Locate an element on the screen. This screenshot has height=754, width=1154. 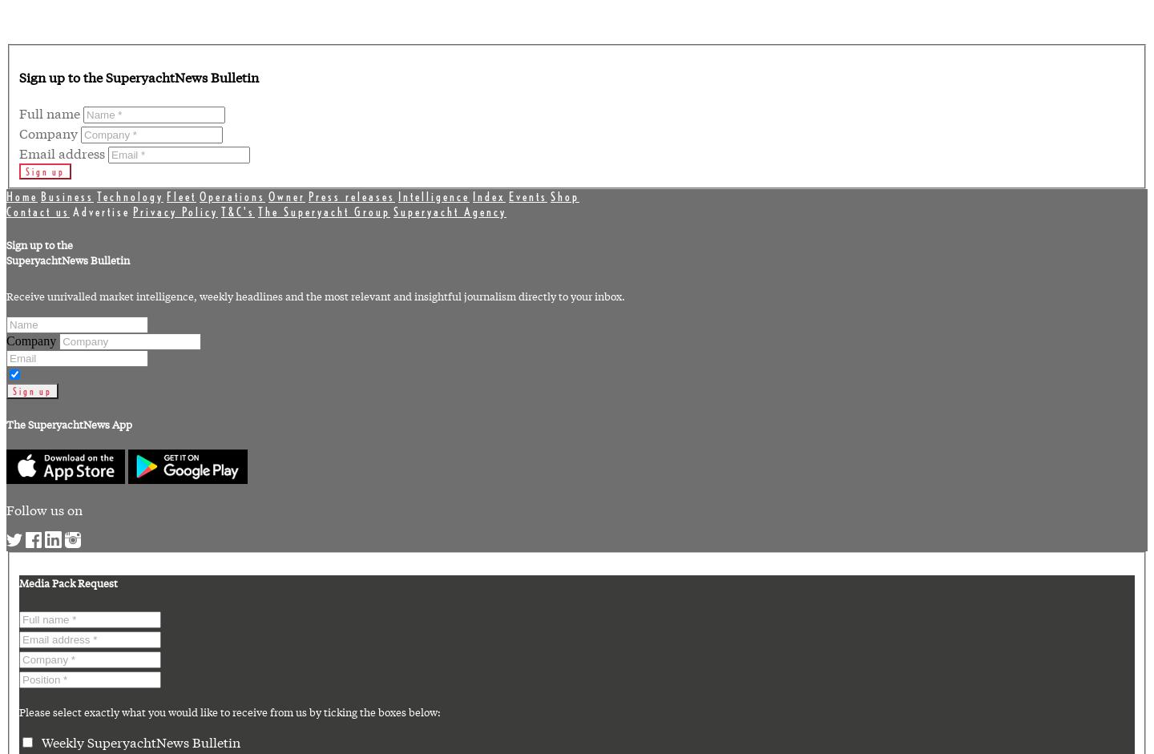
'Shop' is located at coordinates (565, 195).